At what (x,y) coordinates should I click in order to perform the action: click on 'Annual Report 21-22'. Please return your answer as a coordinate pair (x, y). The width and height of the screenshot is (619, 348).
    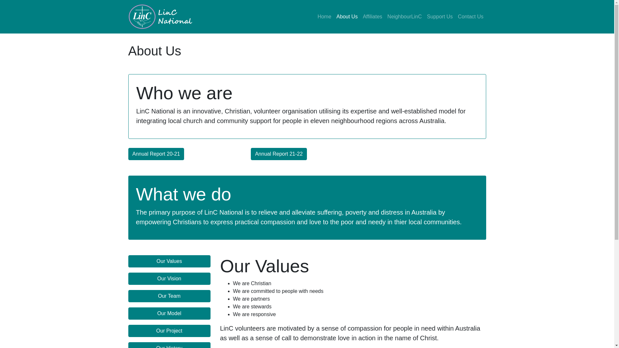
    Looking at the image, I should click on (250, 154).